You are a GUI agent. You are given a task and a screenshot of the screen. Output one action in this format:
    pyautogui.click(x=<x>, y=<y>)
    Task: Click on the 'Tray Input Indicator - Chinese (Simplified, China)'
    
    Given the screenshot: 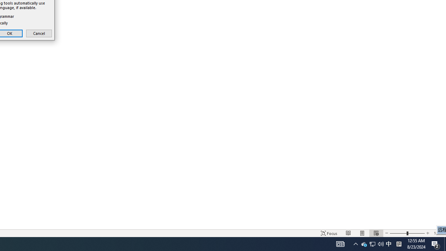 What is the action you would take?
    pyautogui.click(x=399, y=243)
    